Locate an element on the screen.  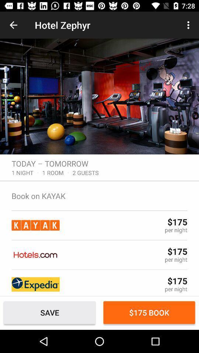
the item to the right of hotel zephyr item is located at coordinates (189, 25).